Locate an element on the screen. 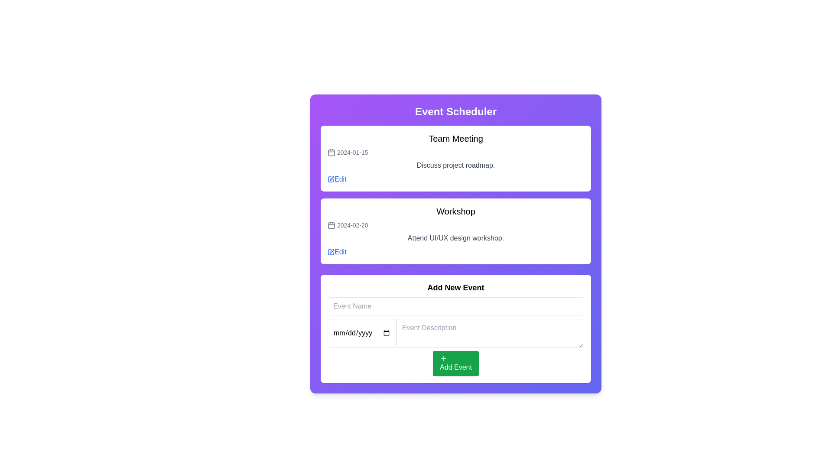 This screenshot has height=468, width=832. the '+' icon that is left-aligned within the green 'Add Event' button located at the bottom of the 'Add New Event' section is located at coordinates (444, 358).